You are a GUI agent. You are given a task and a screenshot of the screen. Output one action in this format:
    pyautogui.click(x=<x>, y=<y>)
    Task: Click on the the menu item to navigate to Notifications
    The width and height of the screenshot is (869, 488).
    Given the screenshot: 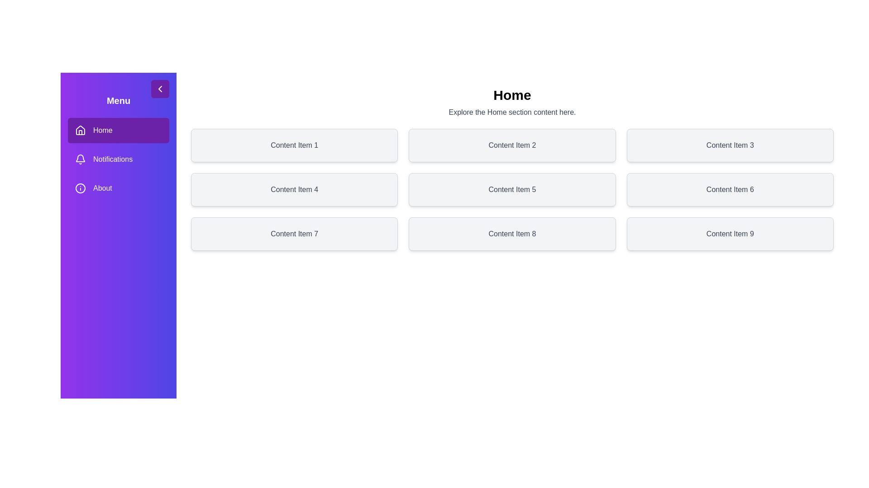 What is the action you would take?
    pyautogui.click(x=118, y=159)
    